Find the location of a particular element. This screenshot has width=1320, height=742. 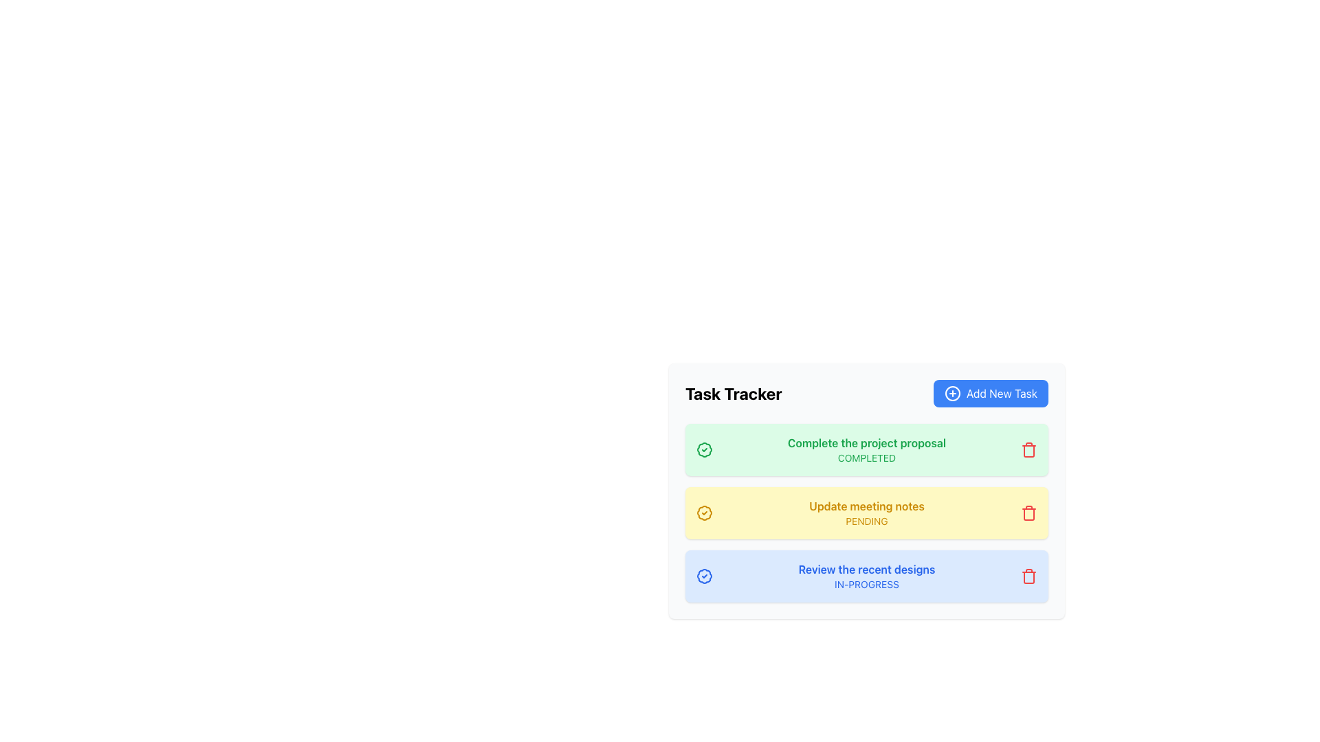

the SVG shape icon located on the left-hand side of the third row of the task entry that signifies the status of the task 'Review the recent designs' is located at coordinates (704, 576).